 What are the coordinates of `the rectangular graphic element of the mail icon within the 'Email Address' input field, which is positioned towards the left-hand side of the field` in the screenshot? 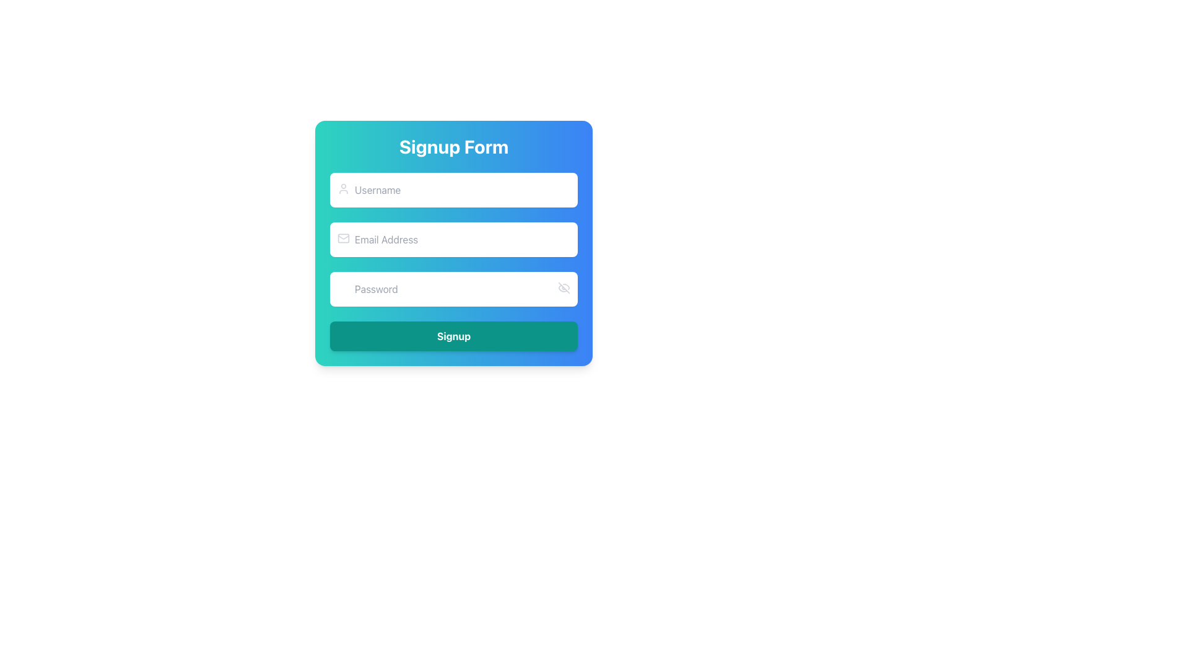 It's located at (344, 238).